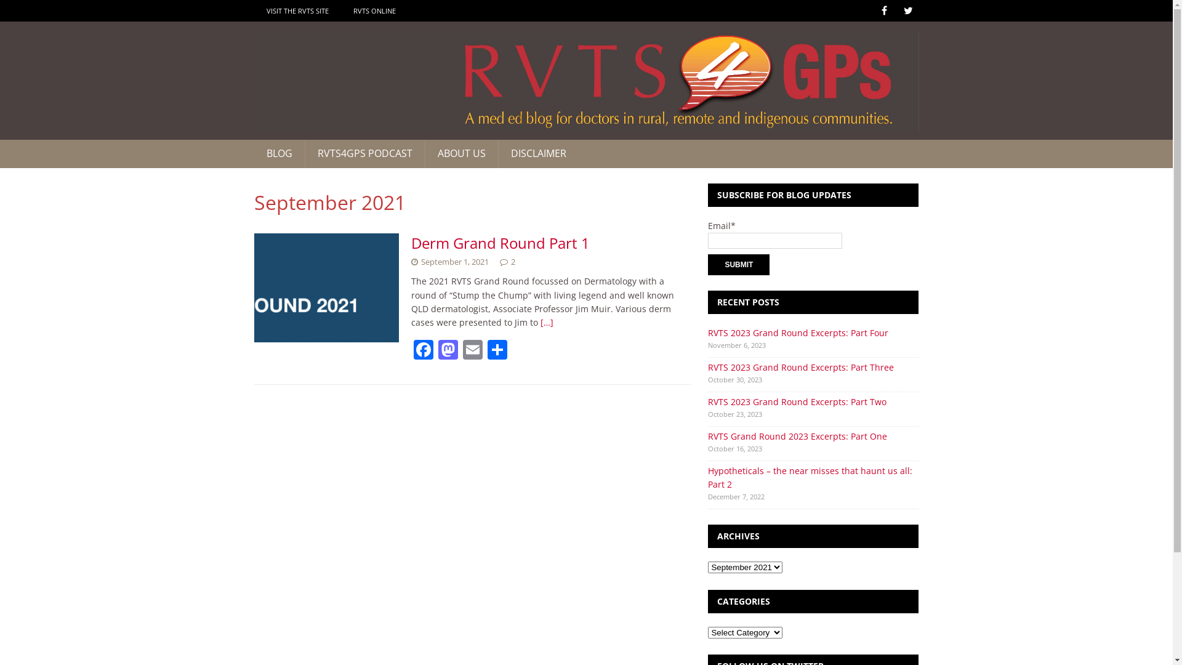  I want to click on 'RVTS 2023 Grand Round Excerpts: Part Two', so click(797, 401).